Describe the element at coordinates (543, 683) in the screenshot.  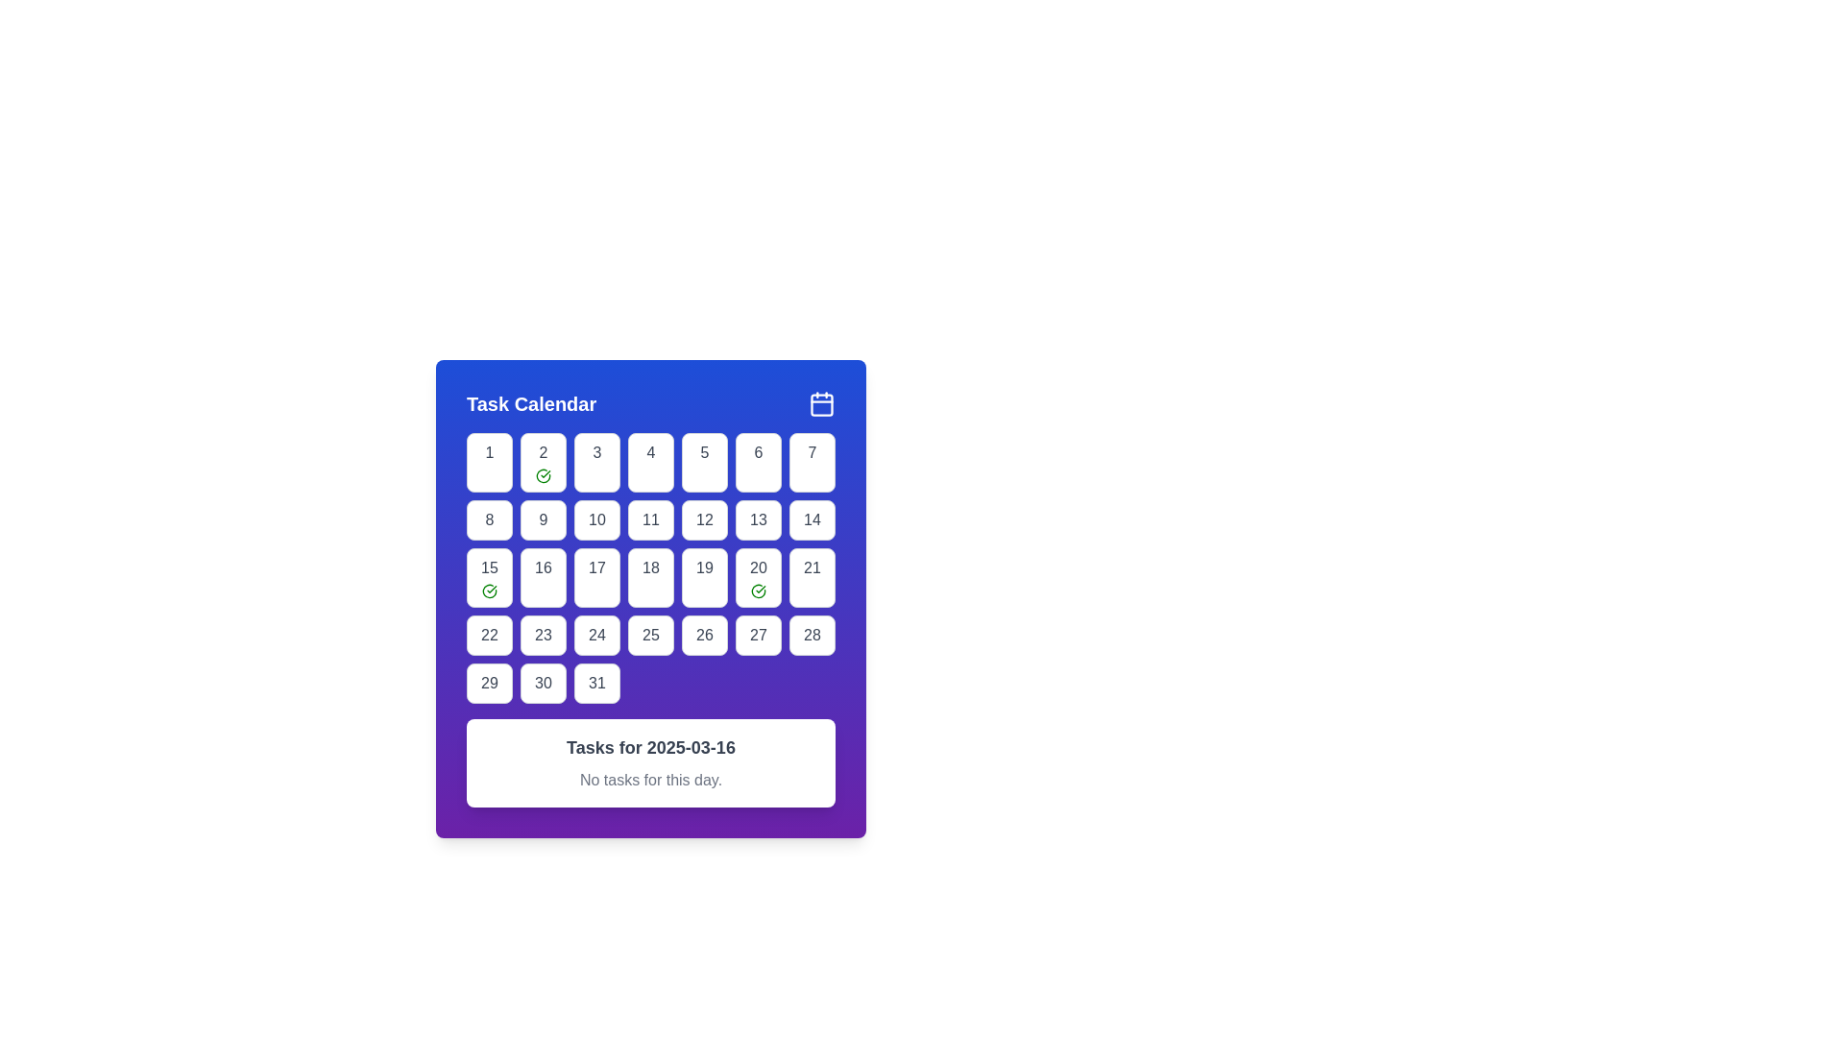
I see `the calendar day cell representing the 30th day of the month to focus on it` at that location.